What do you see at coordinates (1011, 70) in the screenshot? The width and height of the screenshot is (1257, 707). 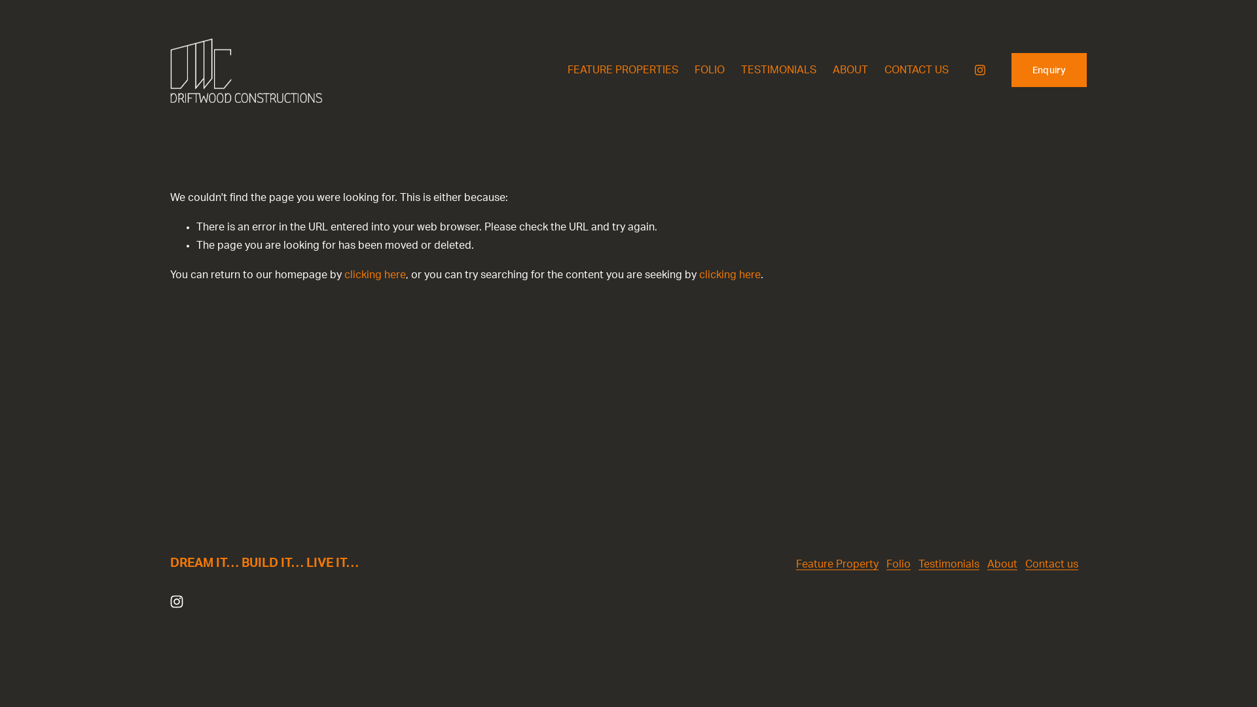 I see `'Enquiry'` at bounding box center [1011, 70].